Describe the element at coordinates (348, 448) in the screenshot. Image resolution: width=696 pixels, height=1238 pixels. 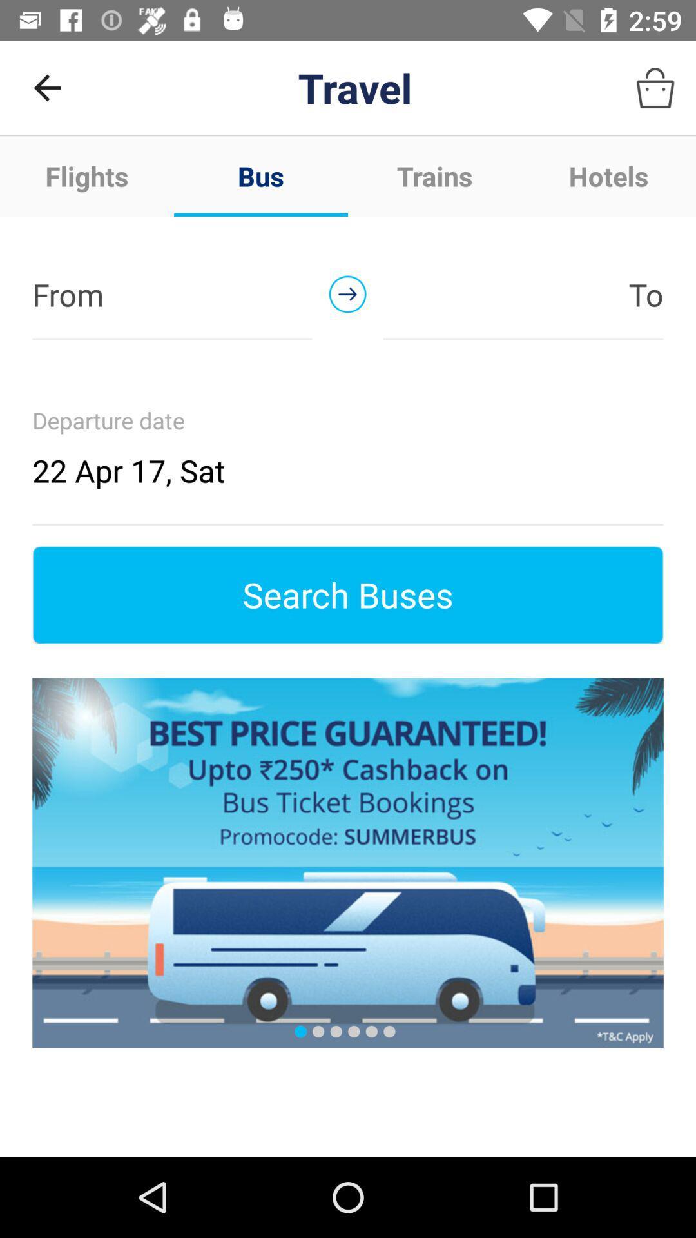
I see `departure date` at that location.